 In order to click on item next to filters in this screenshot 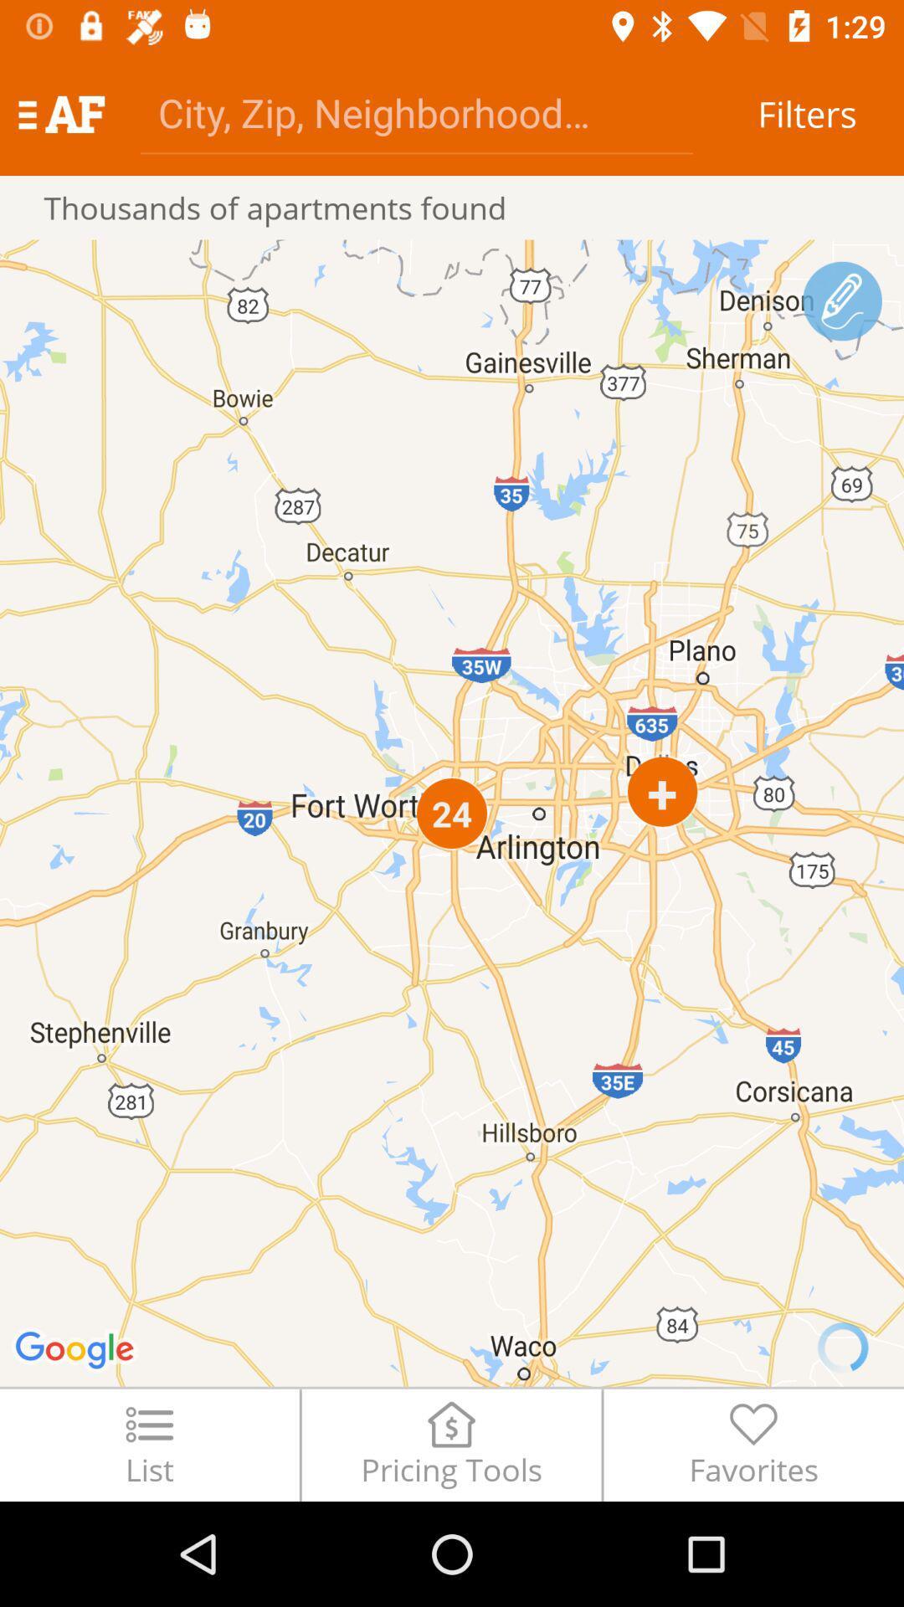, I will do `click(415, 111)`.